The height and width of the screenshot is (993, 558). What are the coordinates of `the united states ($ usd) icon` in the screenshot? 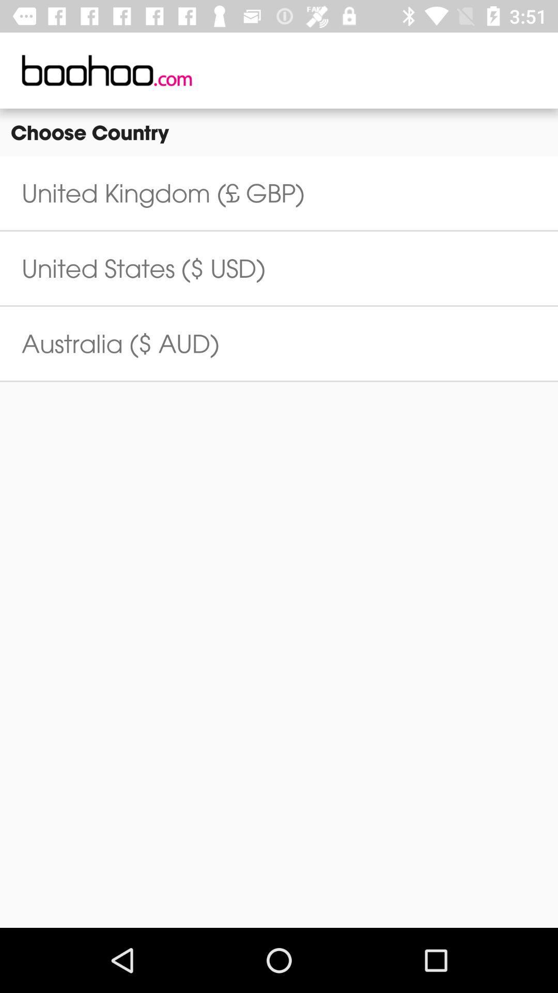 It's located at (143, 268).